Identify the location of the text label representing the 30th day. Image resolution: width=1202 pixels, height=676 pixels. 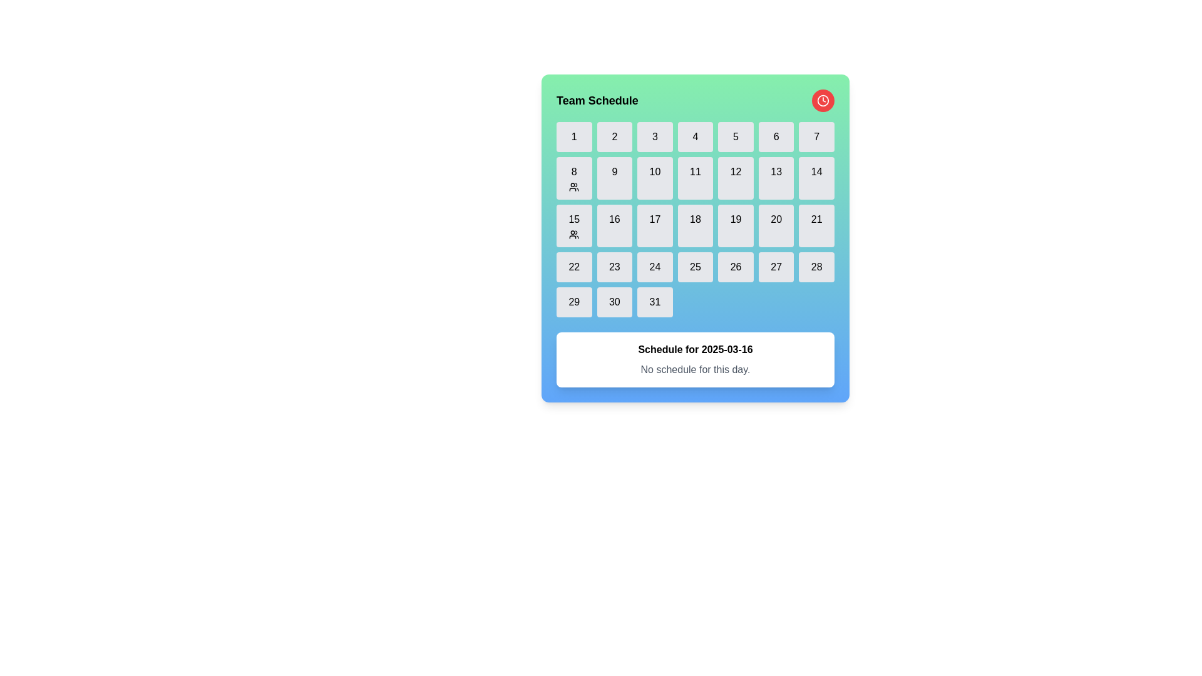
(614, 302).